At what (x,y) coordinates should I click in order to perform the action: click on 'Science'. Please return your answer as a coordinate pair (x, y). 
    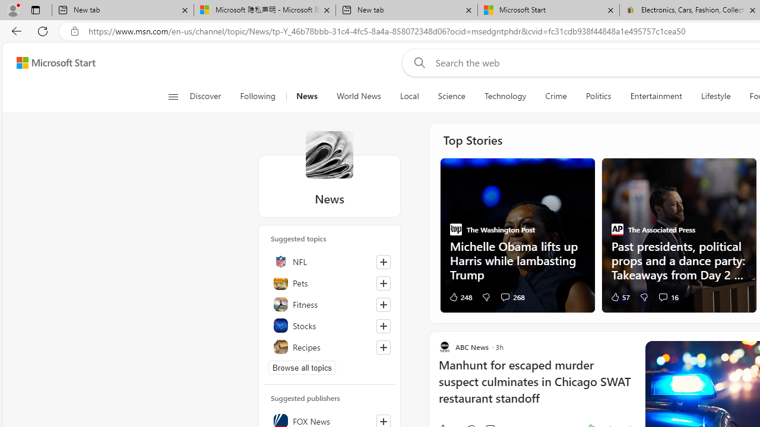
    Looking at the image, I should click on (451, 96).